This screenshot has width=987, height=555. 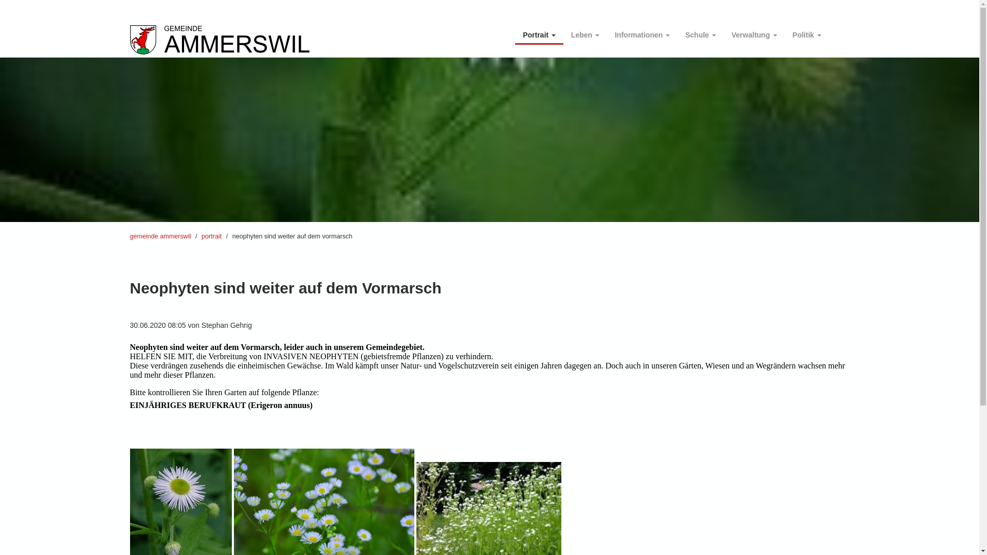 What do you see at coordinates (211, 236) in the screenshot?
I see `'portrait'` at bounding box center [211, 236].